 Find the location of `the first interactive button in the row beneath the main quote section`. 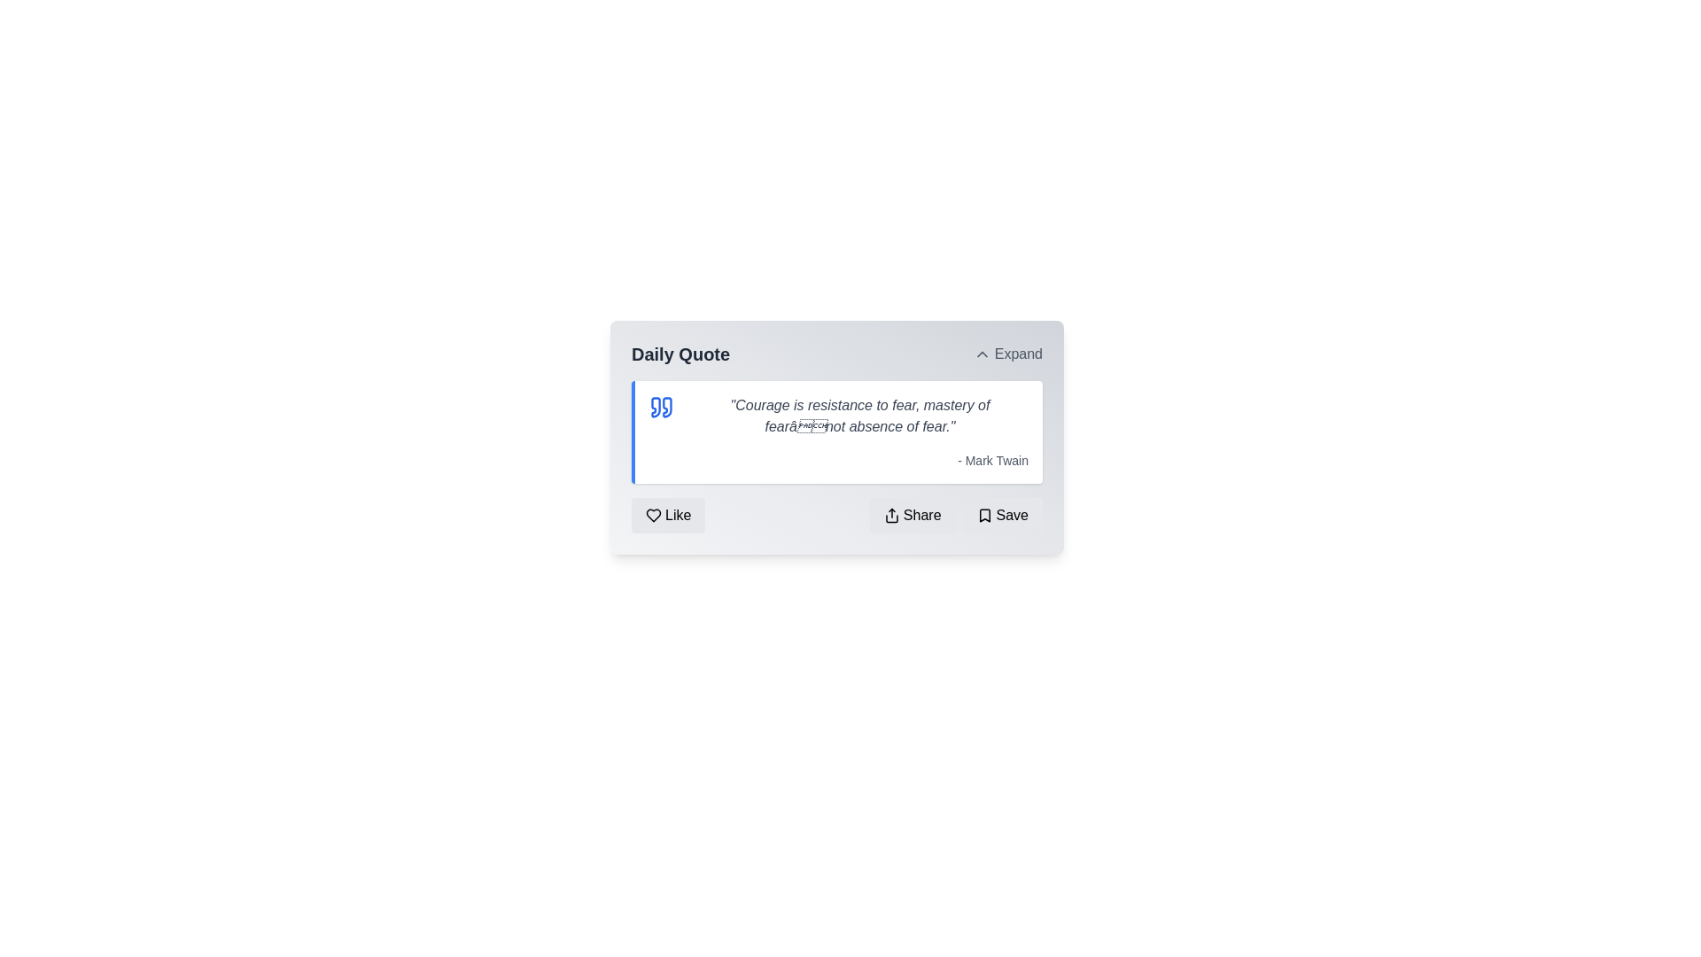

the first interactive button in the row beneath the main quote section is located at coordinates (667, 516).